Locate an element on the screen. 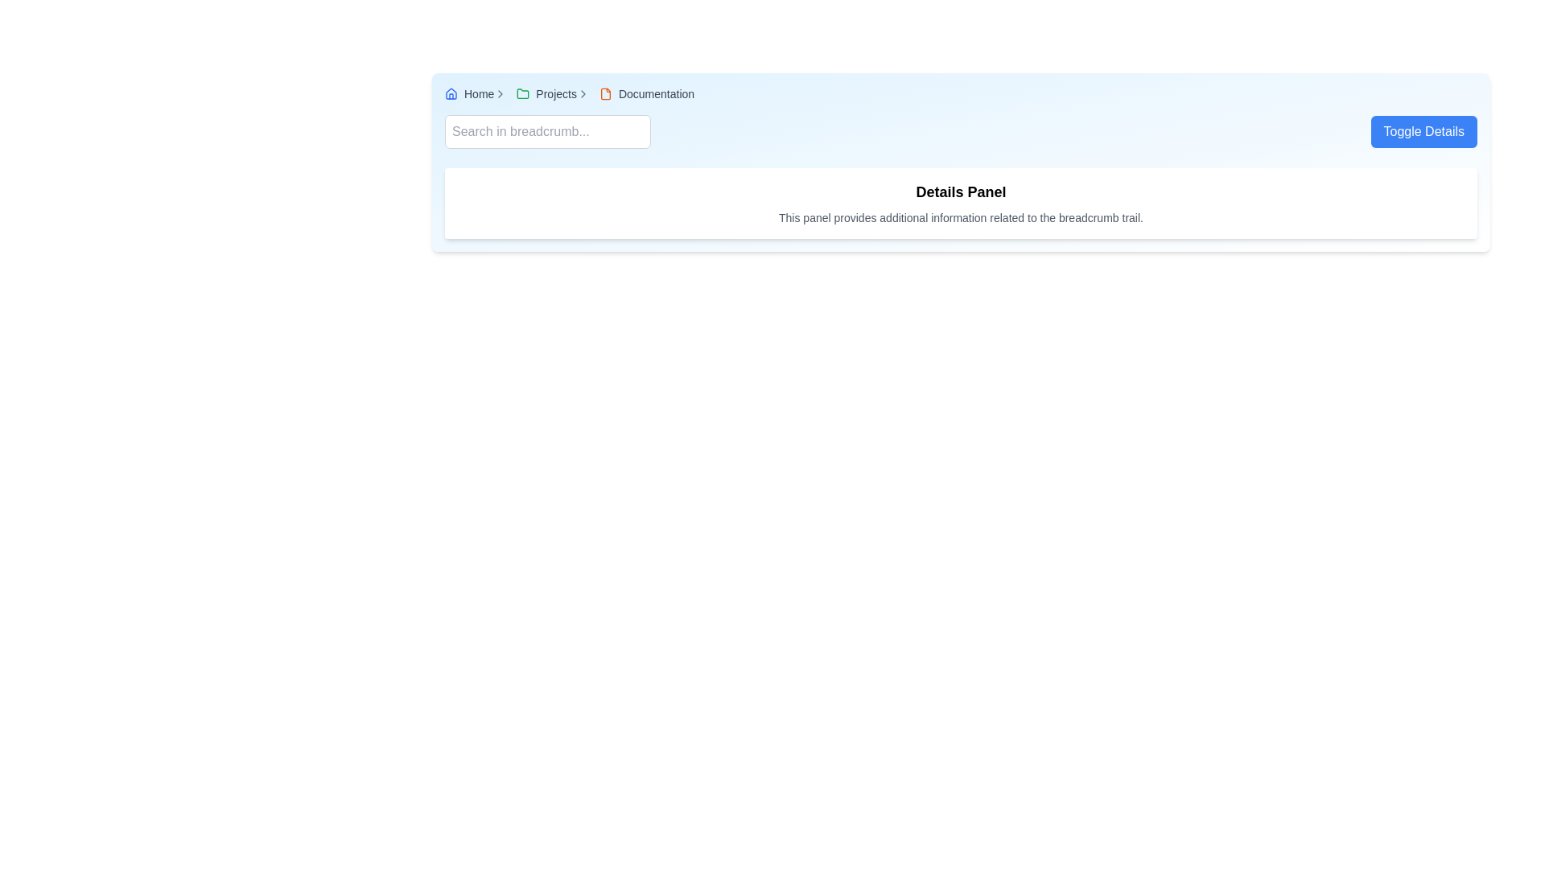 Image resolution: width=1545 pixels, height=869 pixels. the 'Home' text label is located at coordinates (478, 93).